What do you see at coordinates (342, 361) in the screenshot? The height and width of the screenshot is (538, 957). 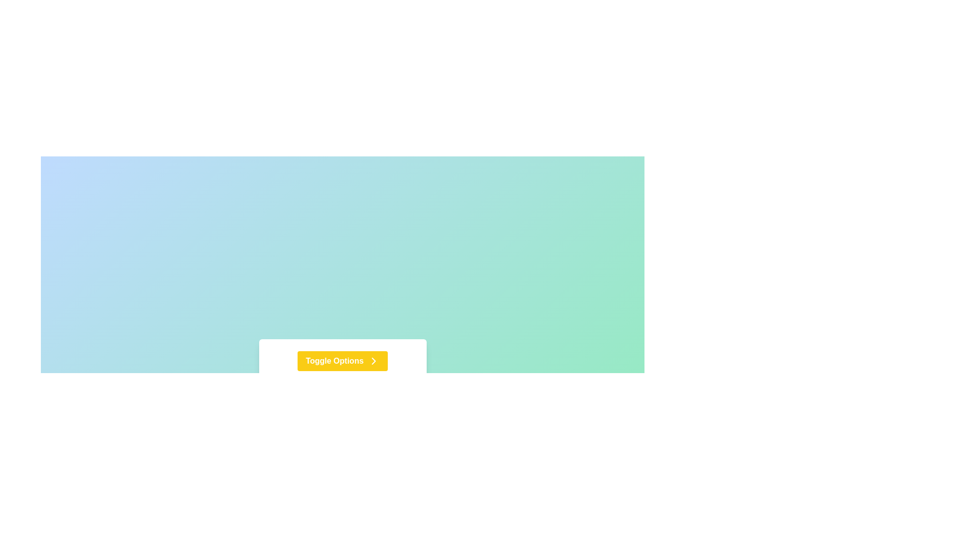 I see `the 'Toggle Options' button, which is a rectangular button with rounded corners, bright yellow background, and bold white text, located at the top center of the interface` at bounding box center [342, 361].